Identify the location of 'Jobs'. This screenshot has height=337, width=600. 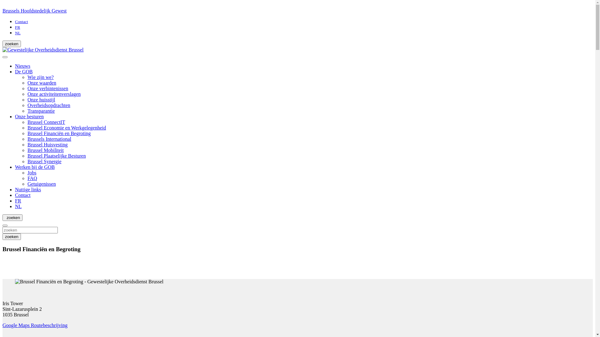
(31, 173).